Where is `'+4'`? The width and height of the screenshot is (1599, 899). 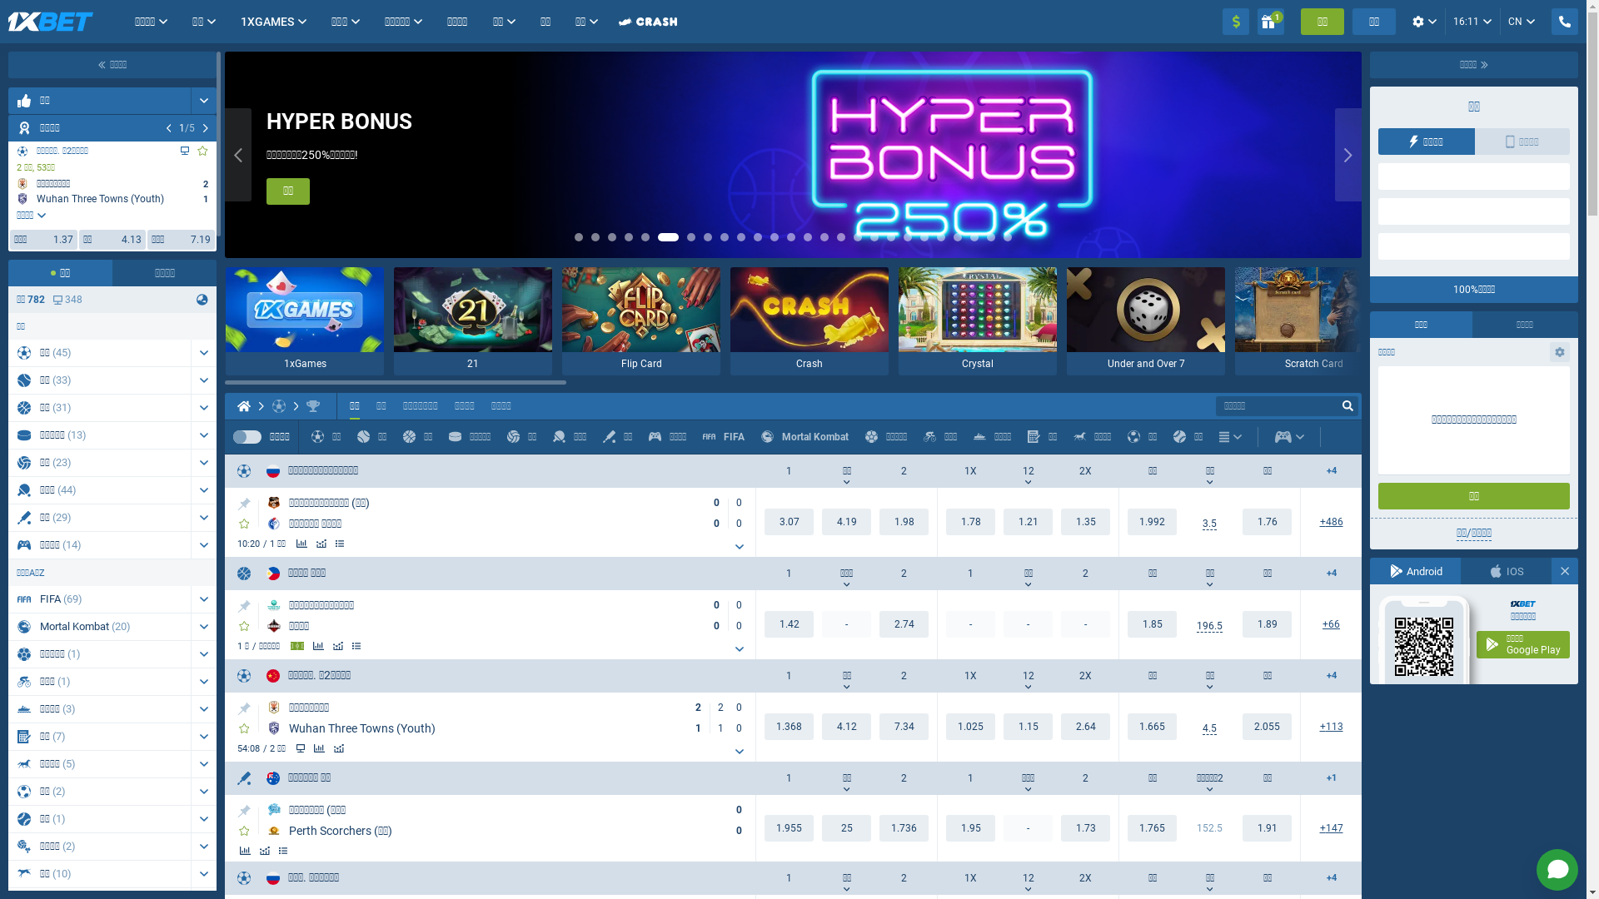 '+4' is located at coordinates (1330, 676).